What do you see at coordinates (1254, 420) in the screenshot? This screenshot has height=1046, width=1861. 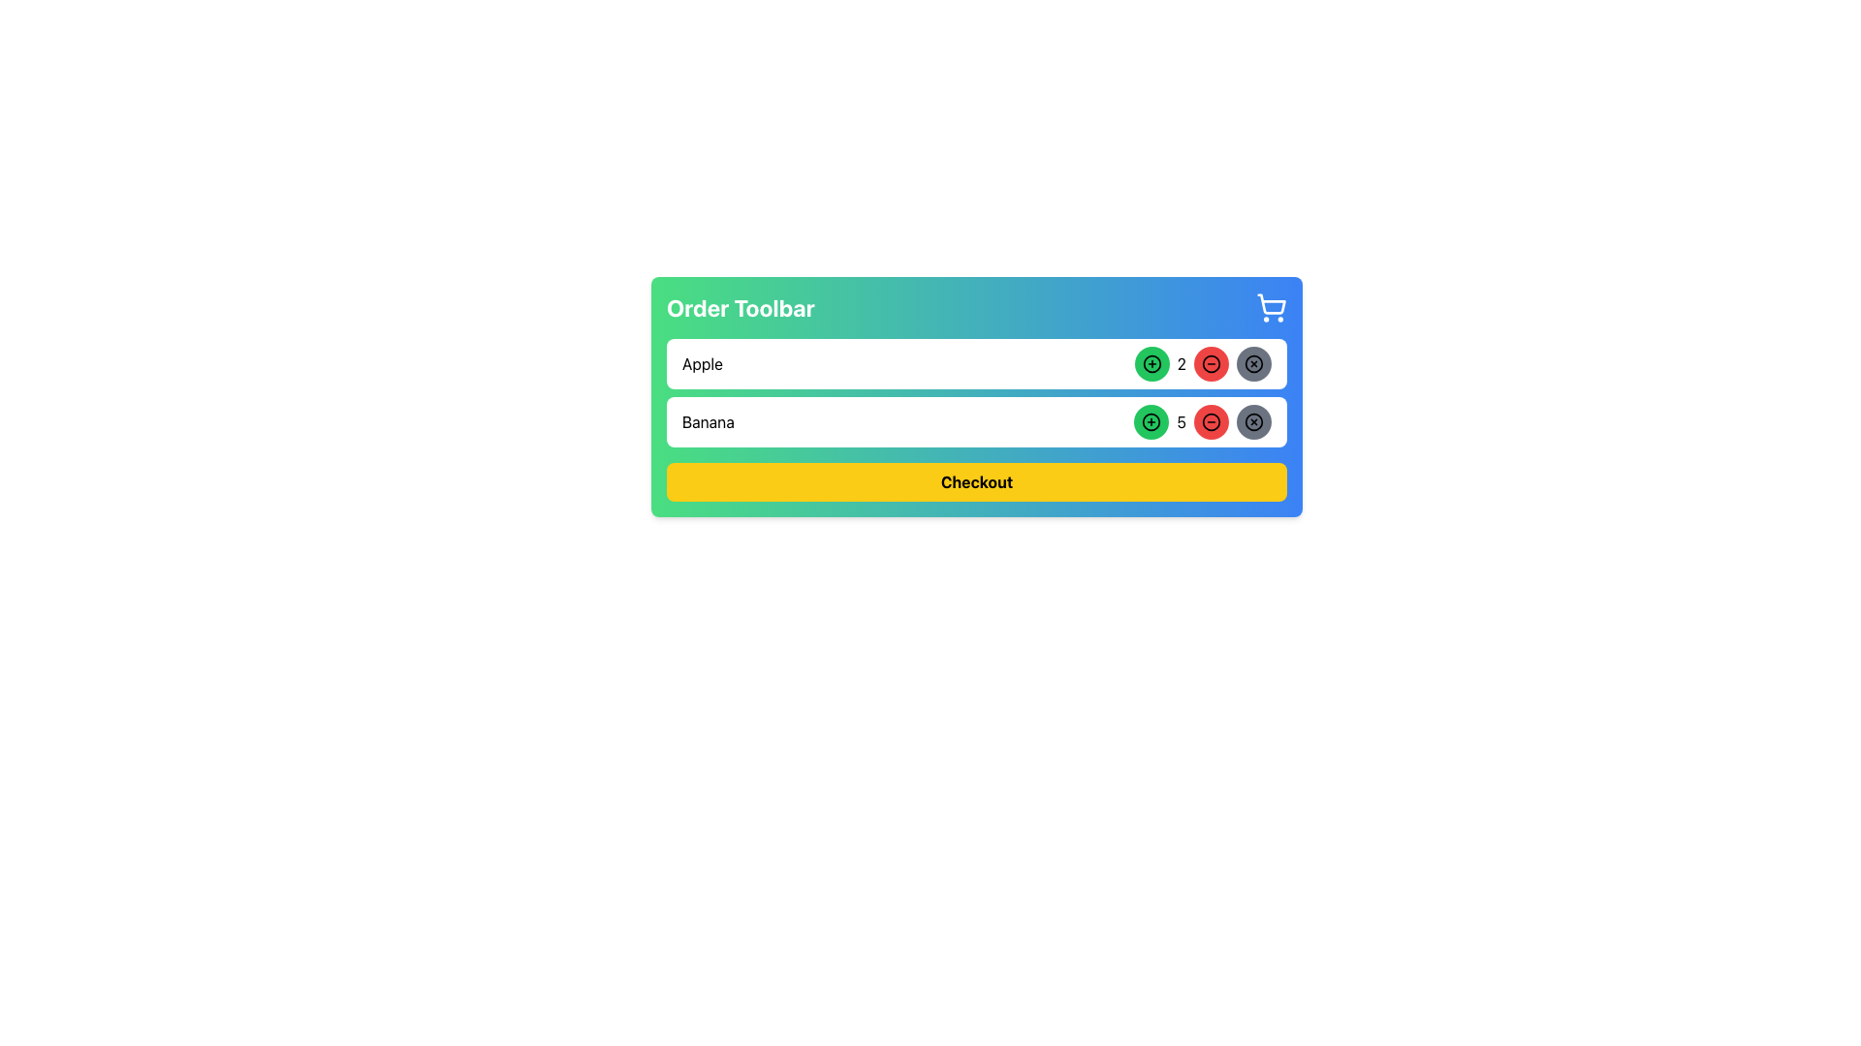 I see `the circular button with a dark gray background and an 'X' icon, located in the second row under the label 'Banana'` at bounding box center [1254, 420].